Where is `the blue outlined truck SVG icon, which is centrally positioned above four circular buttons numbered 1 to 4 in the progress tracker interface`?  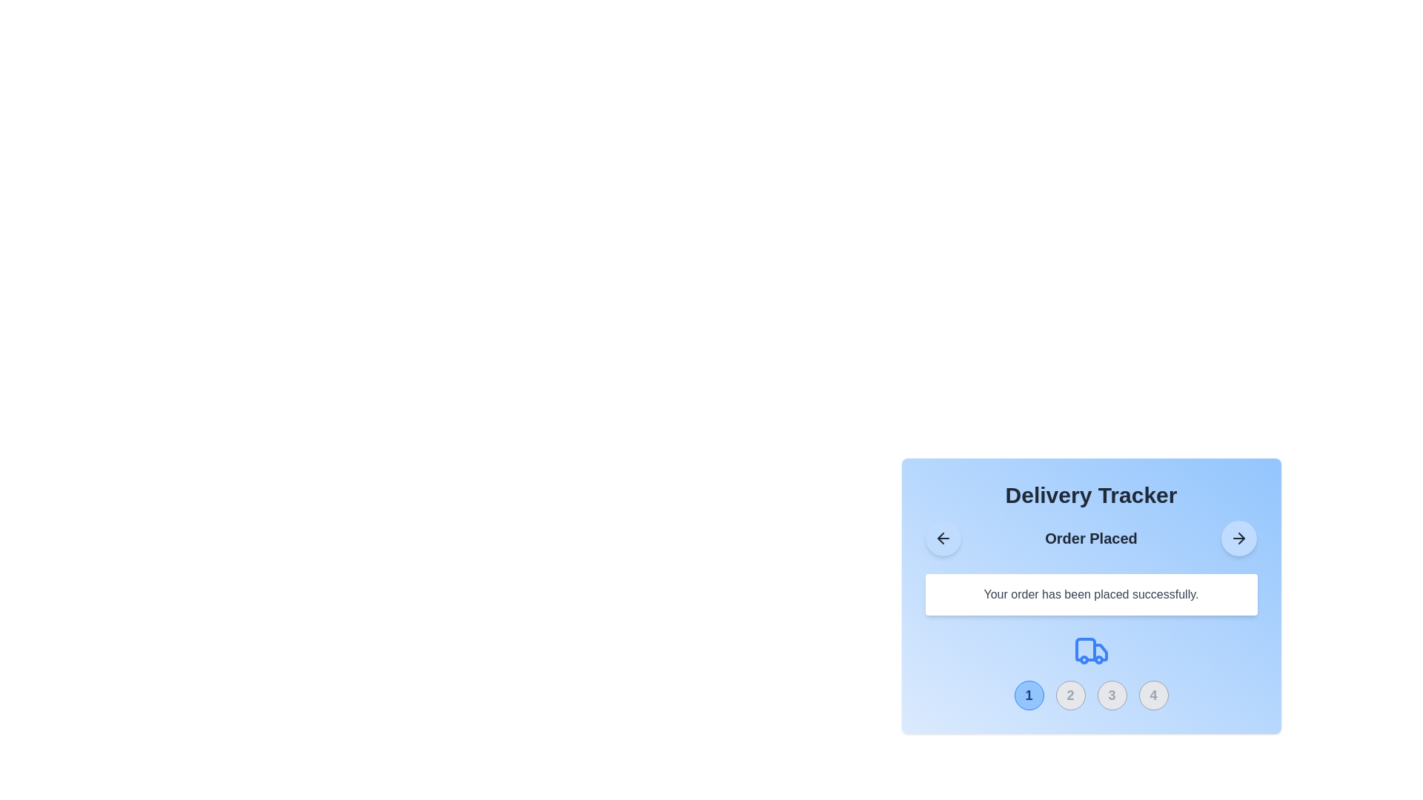
the blue outlined truck SVG icon, which is centrally positioned above four circular buttons numbered 1 to 4 in the progress tracker interface is located at coordinates (1091, 650).